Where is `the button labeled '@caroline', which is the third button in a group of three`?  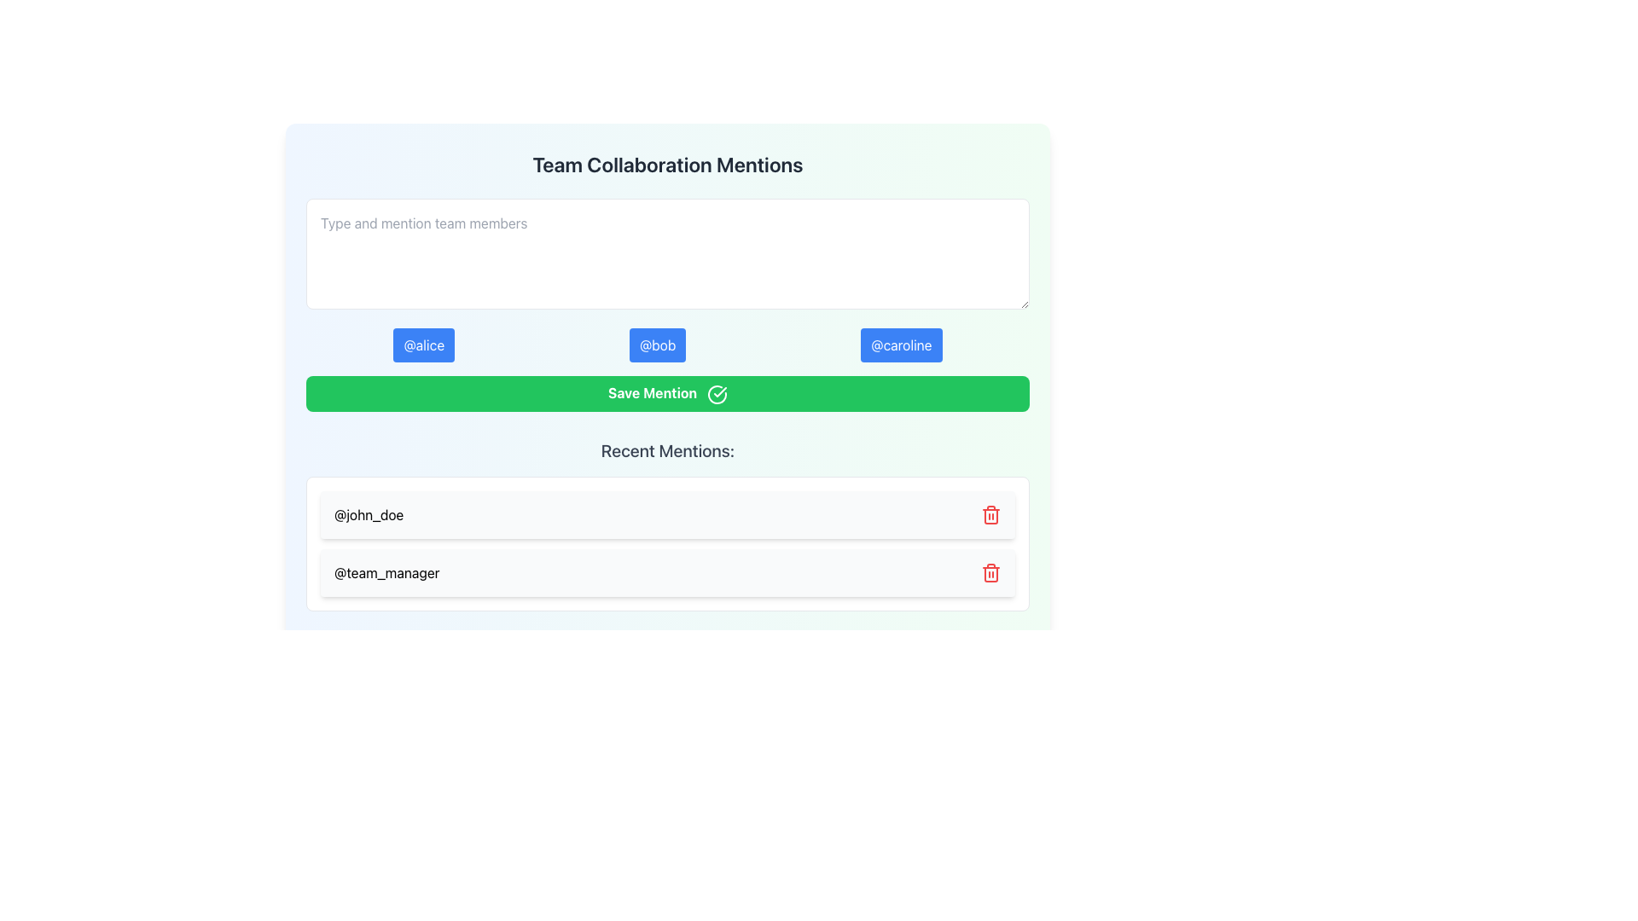
the button labeled '@caroline', which is the third button in a group of three is located at coordinates (900, 345).